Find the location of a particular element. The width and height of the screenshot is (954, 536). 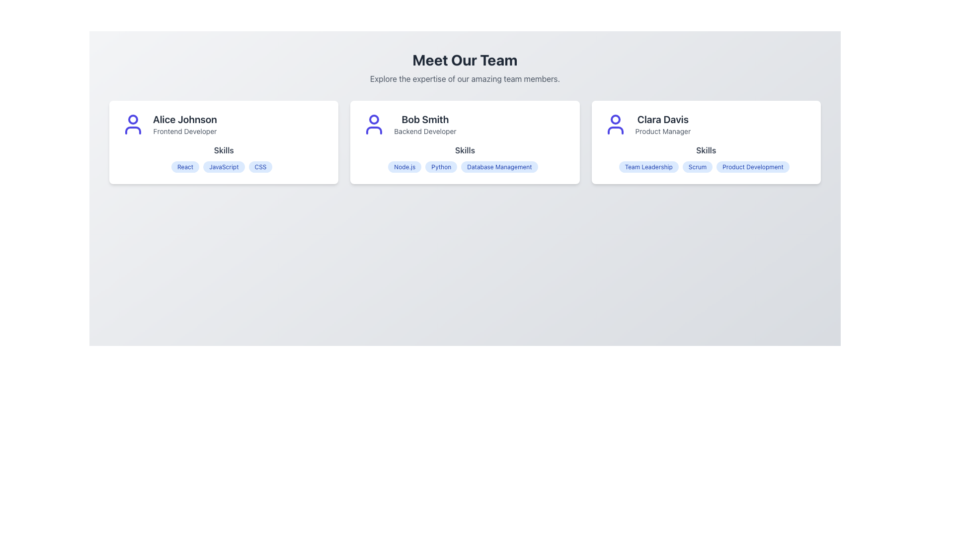

the Circle graphical element in the avatar icon for Clara Davis, a Product Manager, located at the top-left corner of the third card from the left is located at coordinates (615, 119).